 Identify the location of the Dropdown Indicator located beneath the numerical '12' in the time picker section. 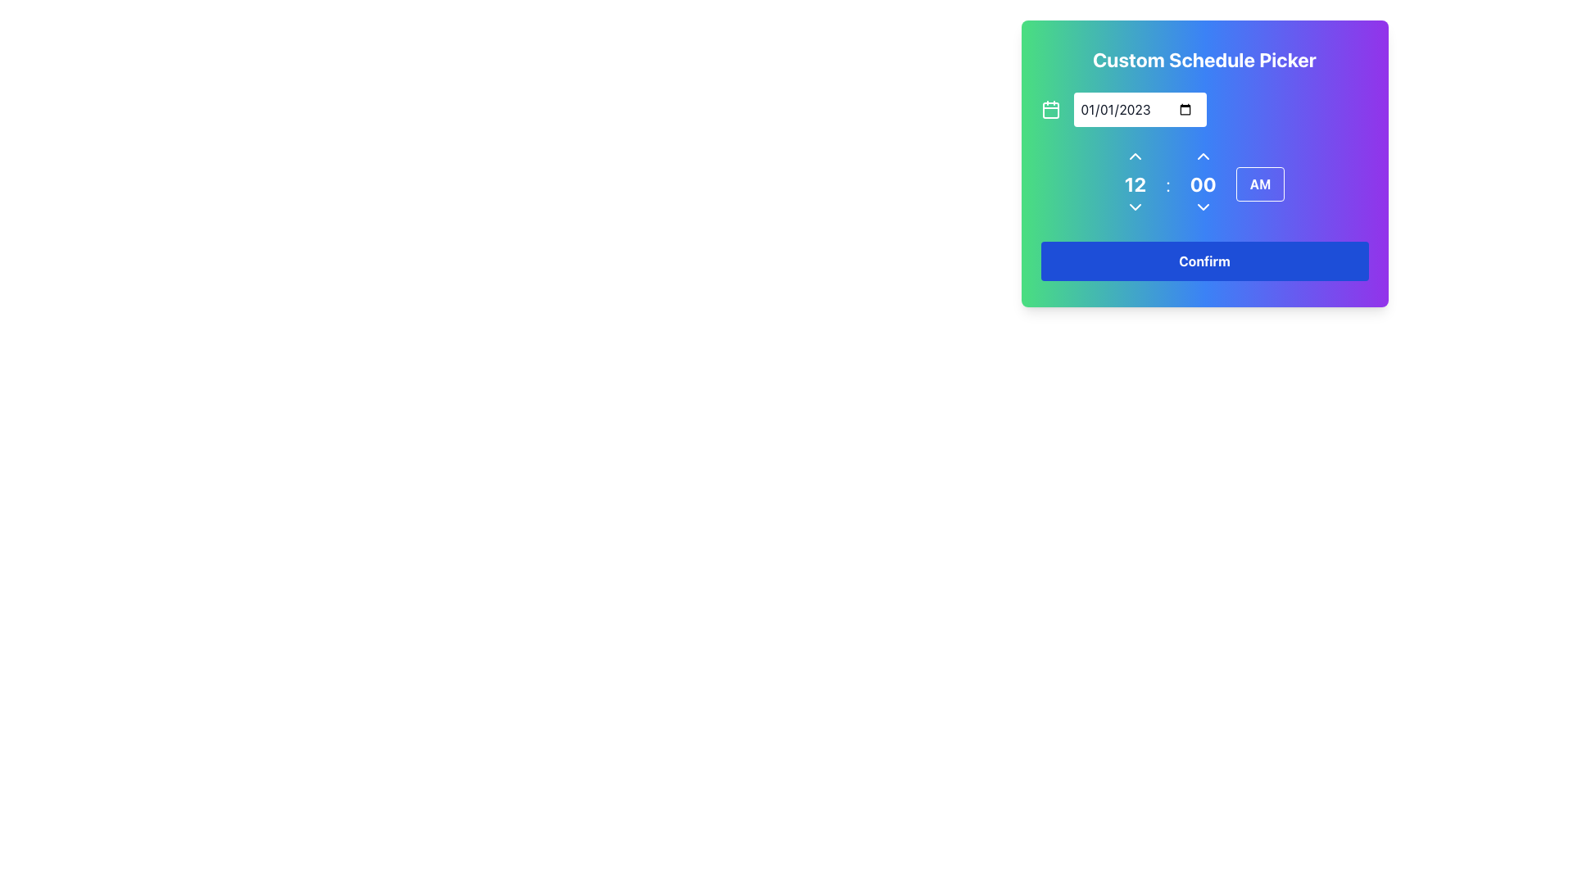
(1134, 206).